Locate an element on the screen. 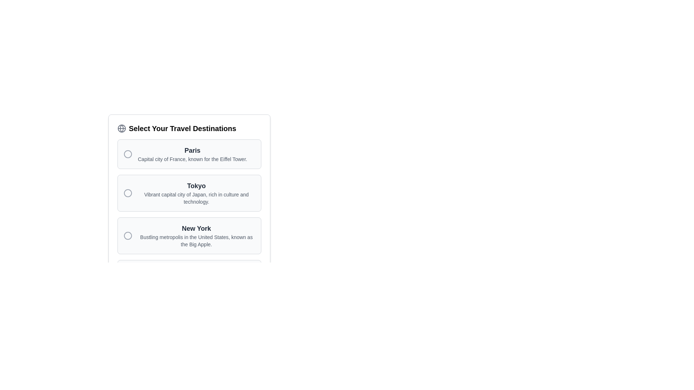 The image size is (694, 390). the radio button is located at coordinates (128, 193).